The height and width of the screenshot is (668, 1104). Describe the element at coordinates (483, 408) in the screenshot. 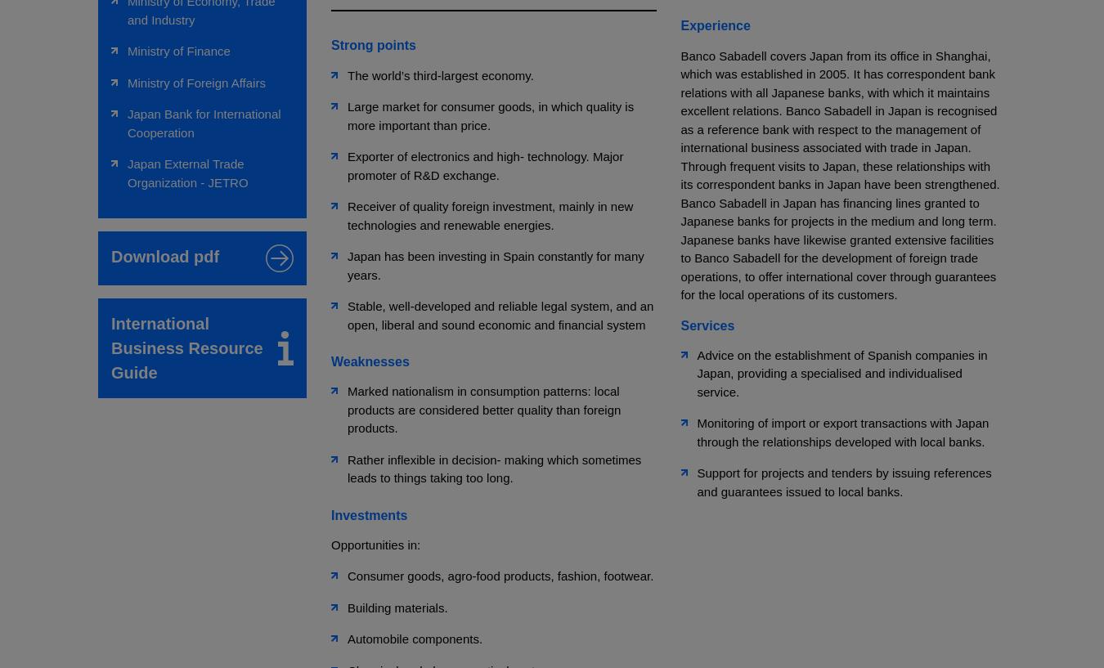

I see `'Marked nationalism in consumption patterns: local products are considered better quality than foreign products.'` at that location.